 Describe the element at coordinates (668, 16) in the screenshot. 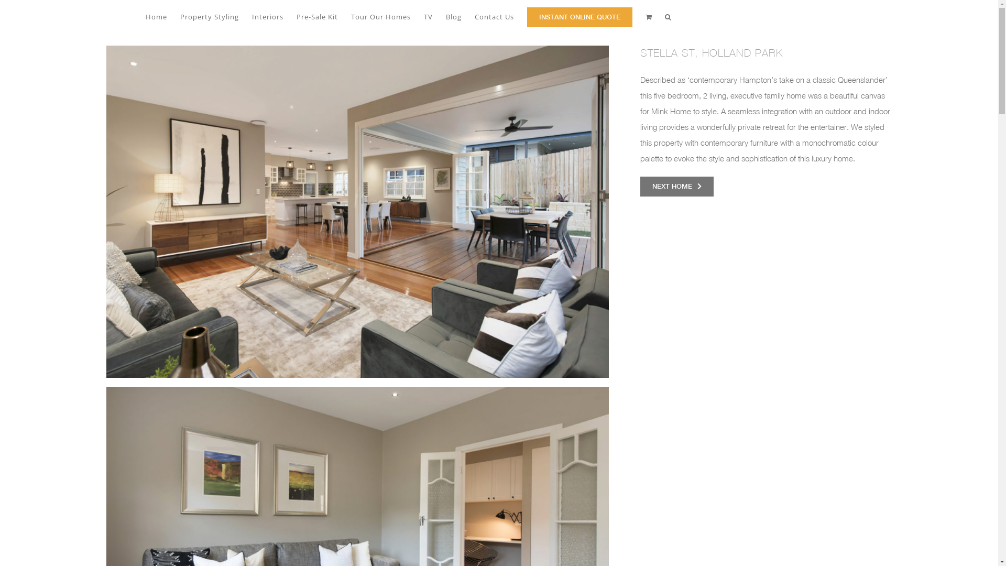

I see `'Search'` at that location.